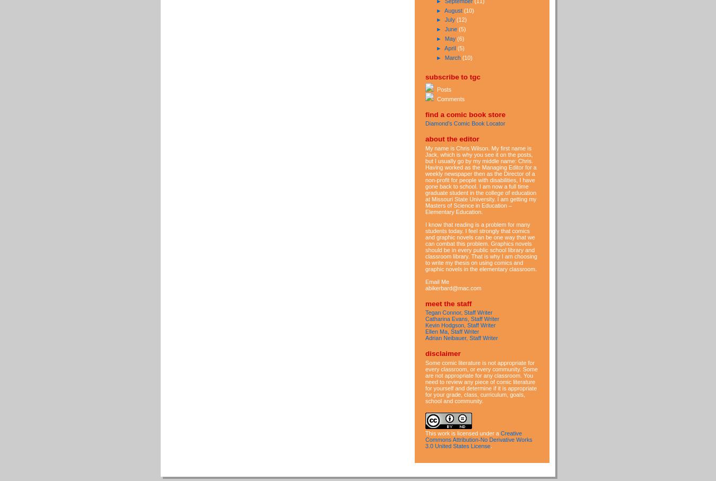 The height and width of the screenshot is (481, 716). Describe the element at coordinates (490, 444) in the screenshot. I see `'.'` at that location.